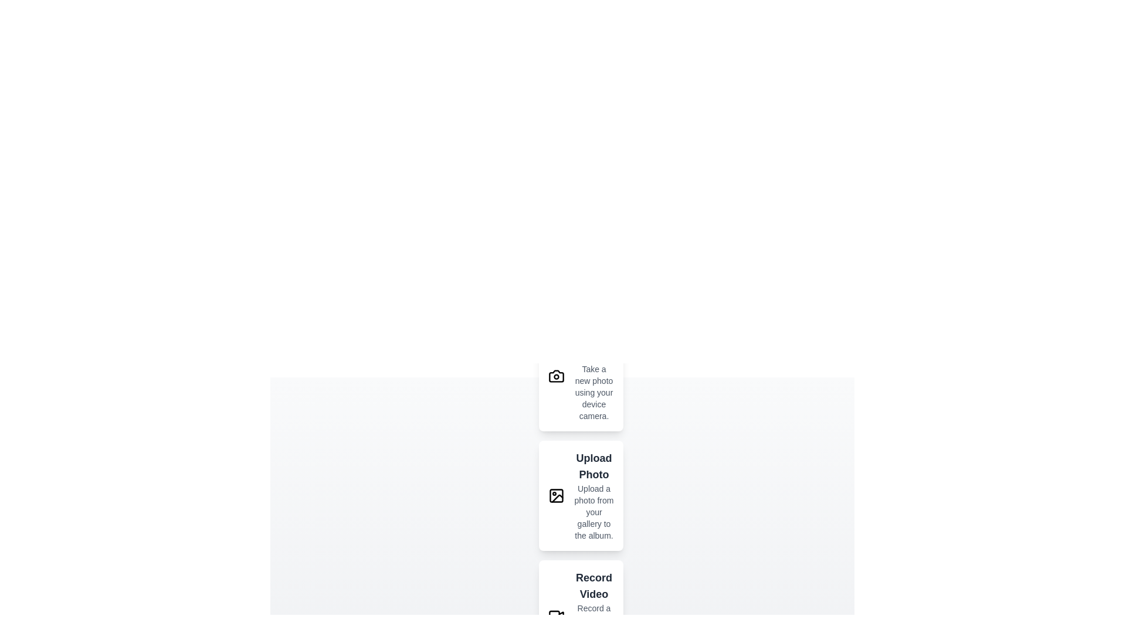 The width and height of the screenshot is (1126, 633). What do you see at coordinates (581, 376) in the screenshot?
I see `the action described by Capture Photo` at bounding box center [581, 376].